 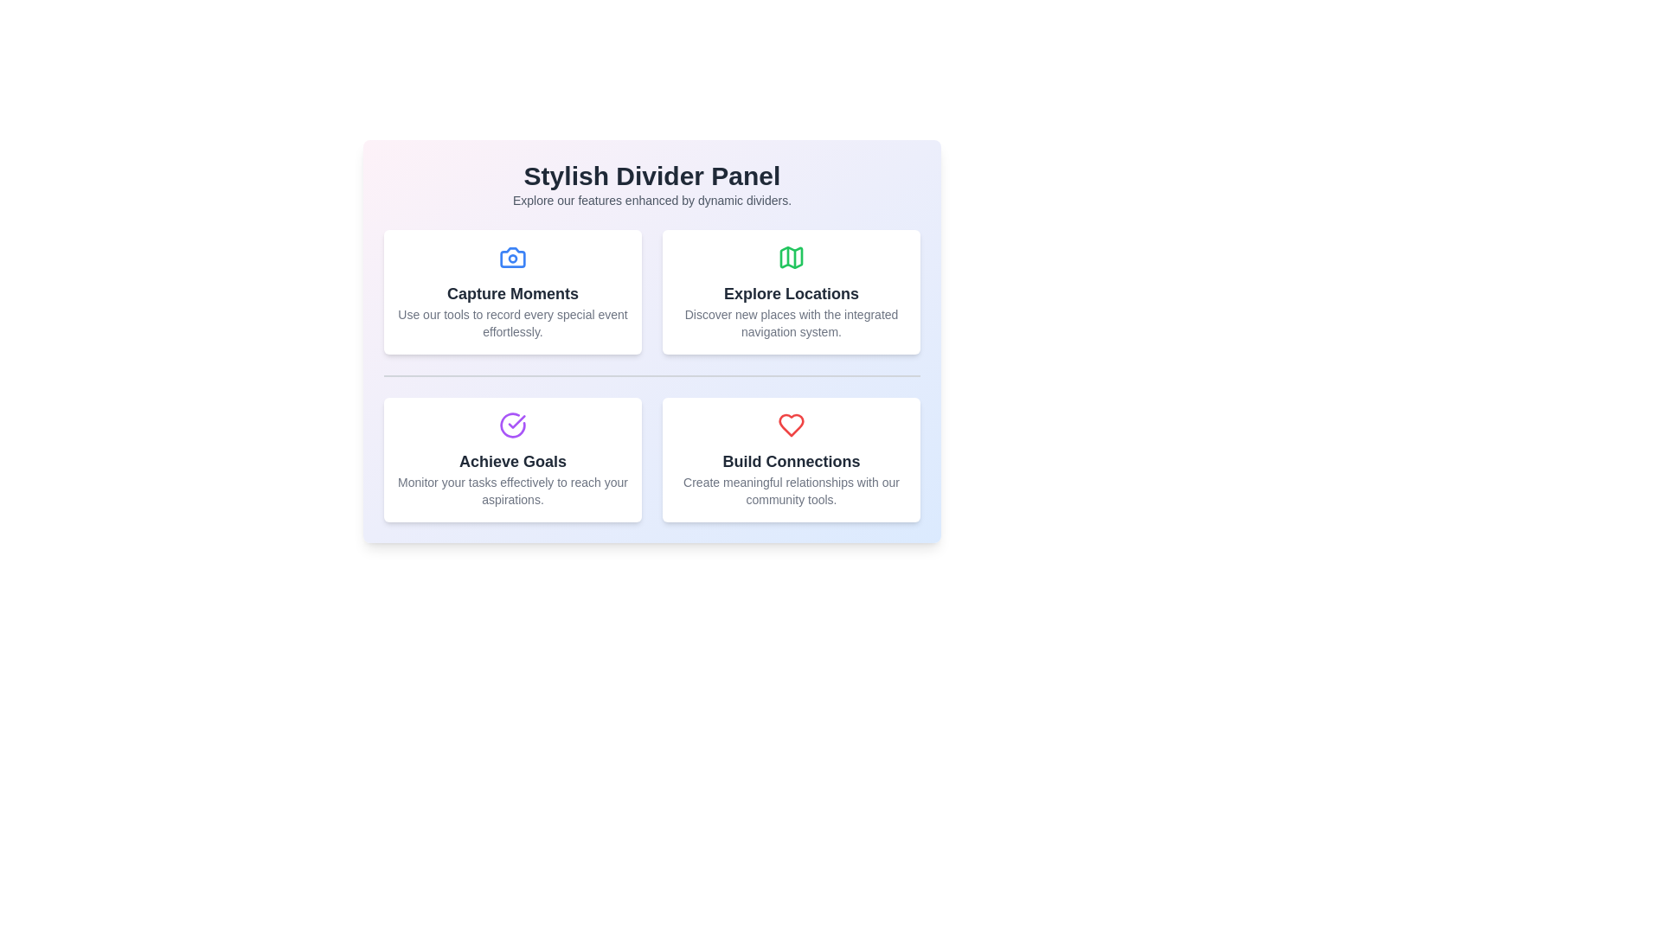 What do you see at coordinates (512, 291) in the screenshot?
I see `the rectangular card with a white background, blue camera icon, and the title 'Capture Moments' located in the top-left section of the grid layout` at bounding box center [512, 291].